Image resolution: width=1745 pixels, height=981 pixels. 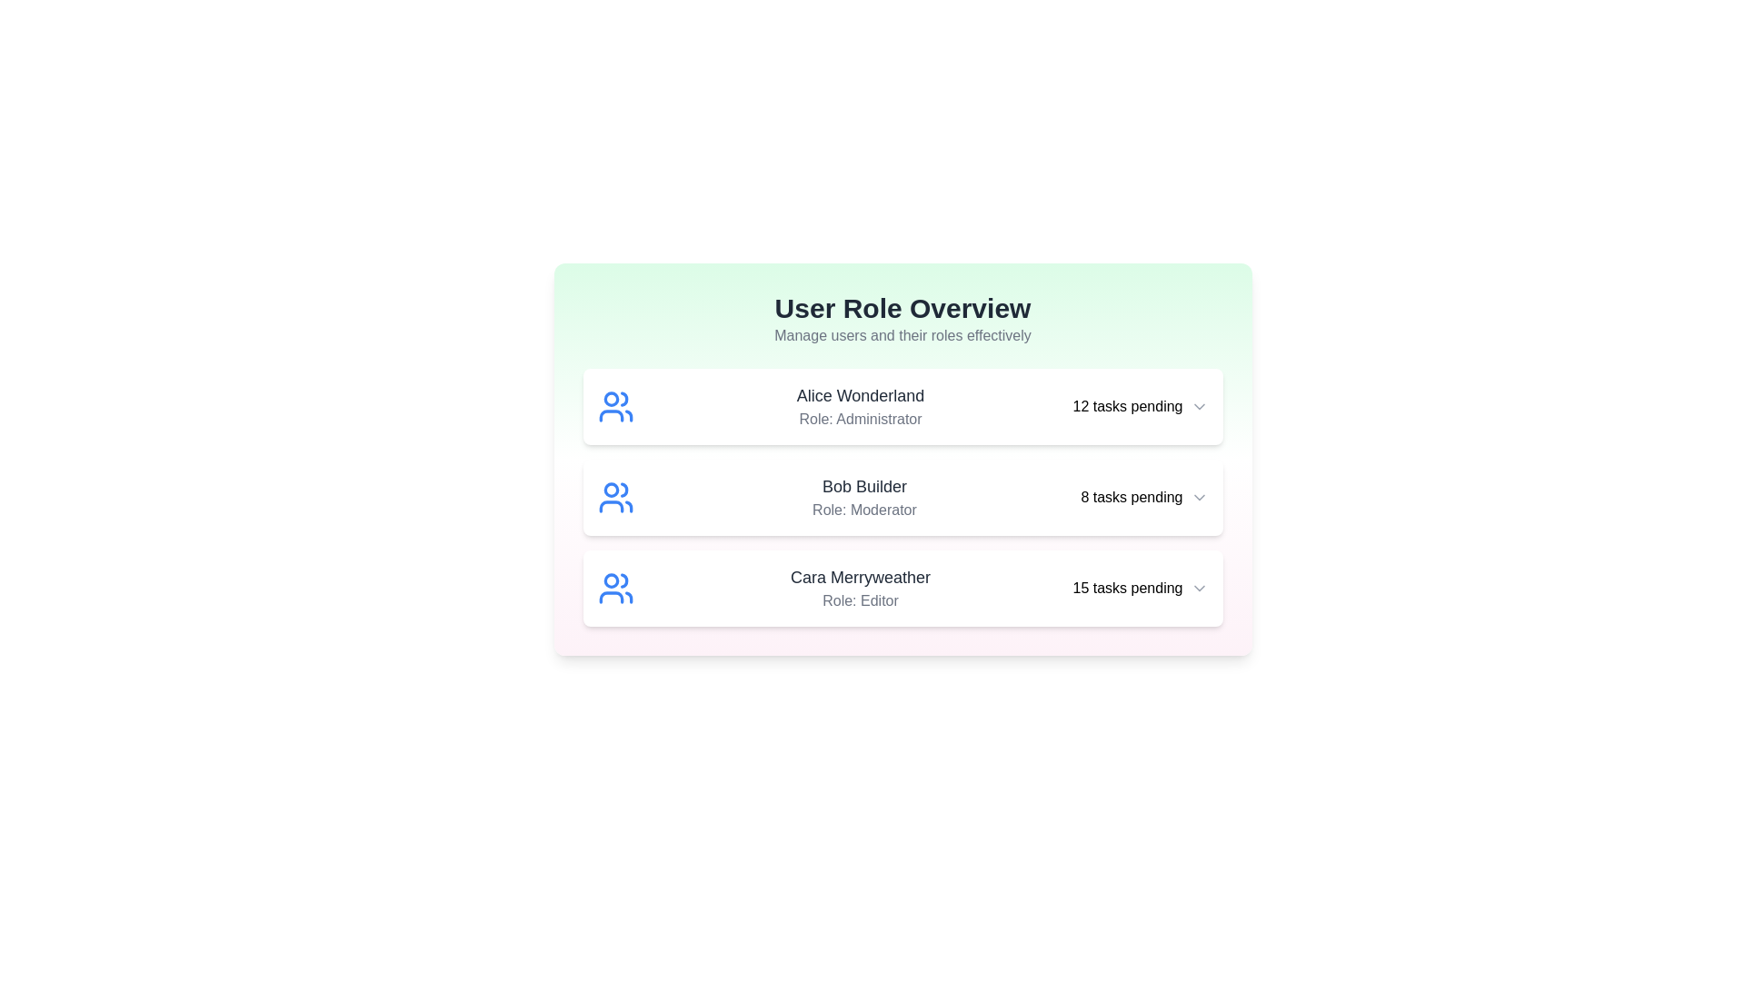 What do you see at coordinates (1199, 497) in the screenshot?
I see `the dropdown icon for Bob Builder to view more options` at bounding box center [1199, 497].